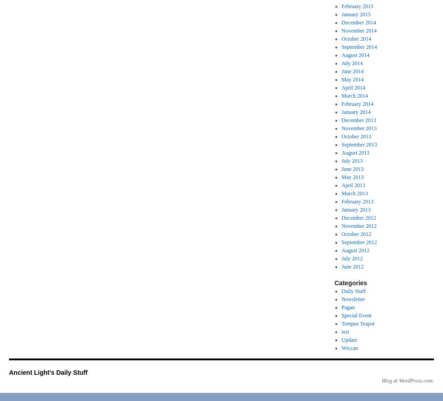 Image resolution: width=443 pixels, height=401 pixels. Describe the element at coordinates (354, 95) in the screenshot. I see `'March 2014'` at that location.